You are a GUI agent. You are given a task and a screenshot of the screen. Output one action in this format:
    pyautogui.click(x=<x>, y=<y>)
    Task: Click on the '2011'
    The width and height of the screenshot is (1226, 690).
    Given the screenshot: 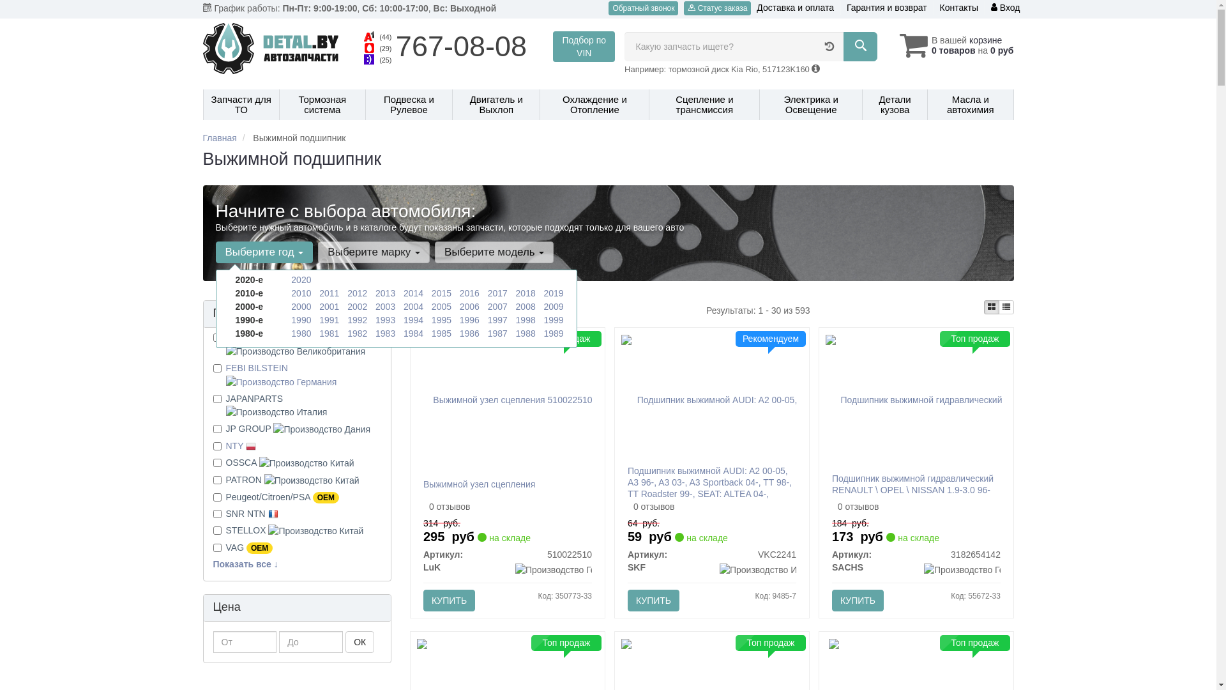 What is the action you would take?
    pyautogui.click(x=329, y=293)
    